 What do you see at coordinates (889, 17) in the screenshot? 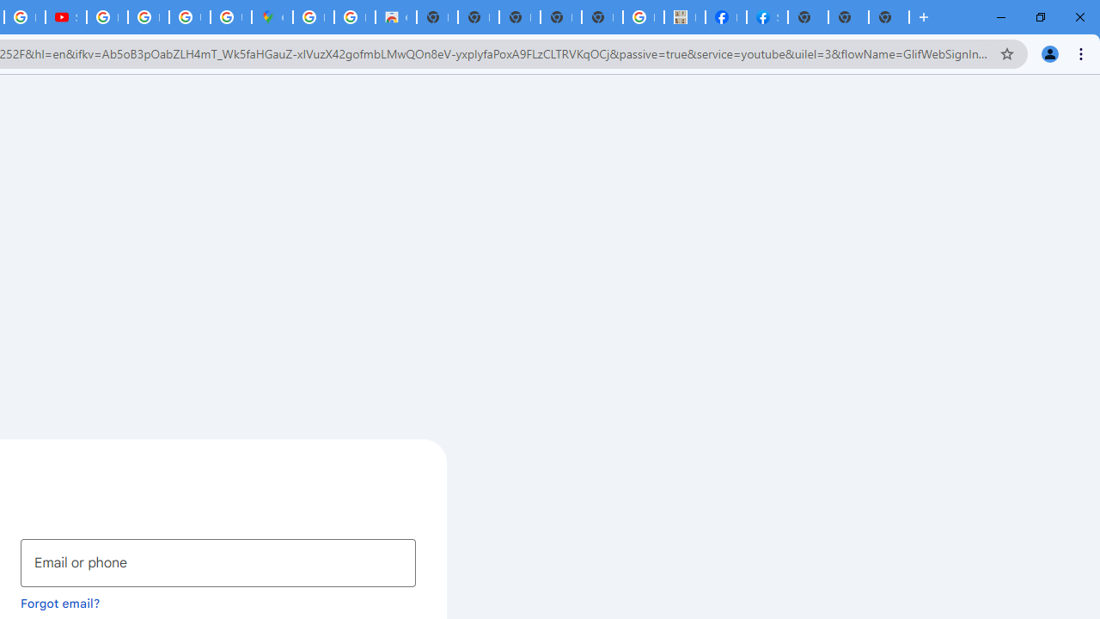
I see `'New Tab'` at bounding box center [889, 17].